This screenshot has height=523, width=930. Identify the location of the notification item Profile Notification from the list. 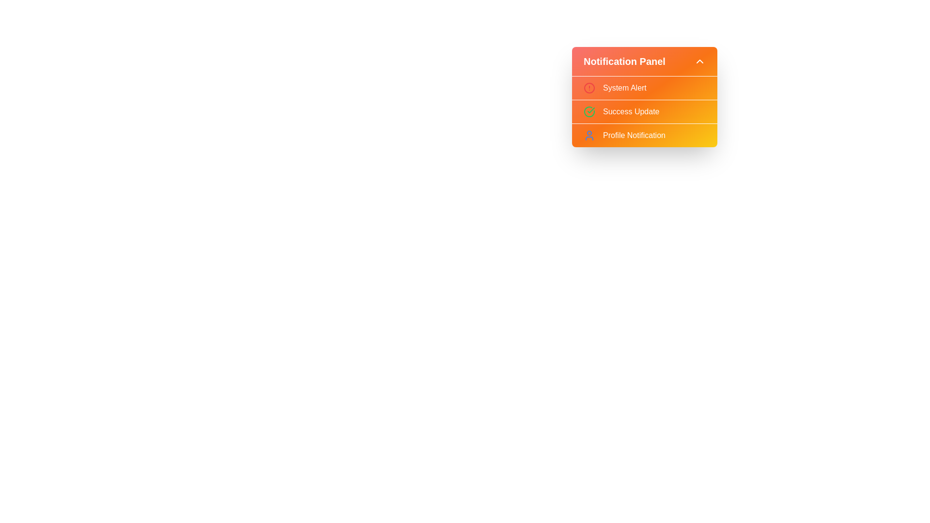
(644, 135).